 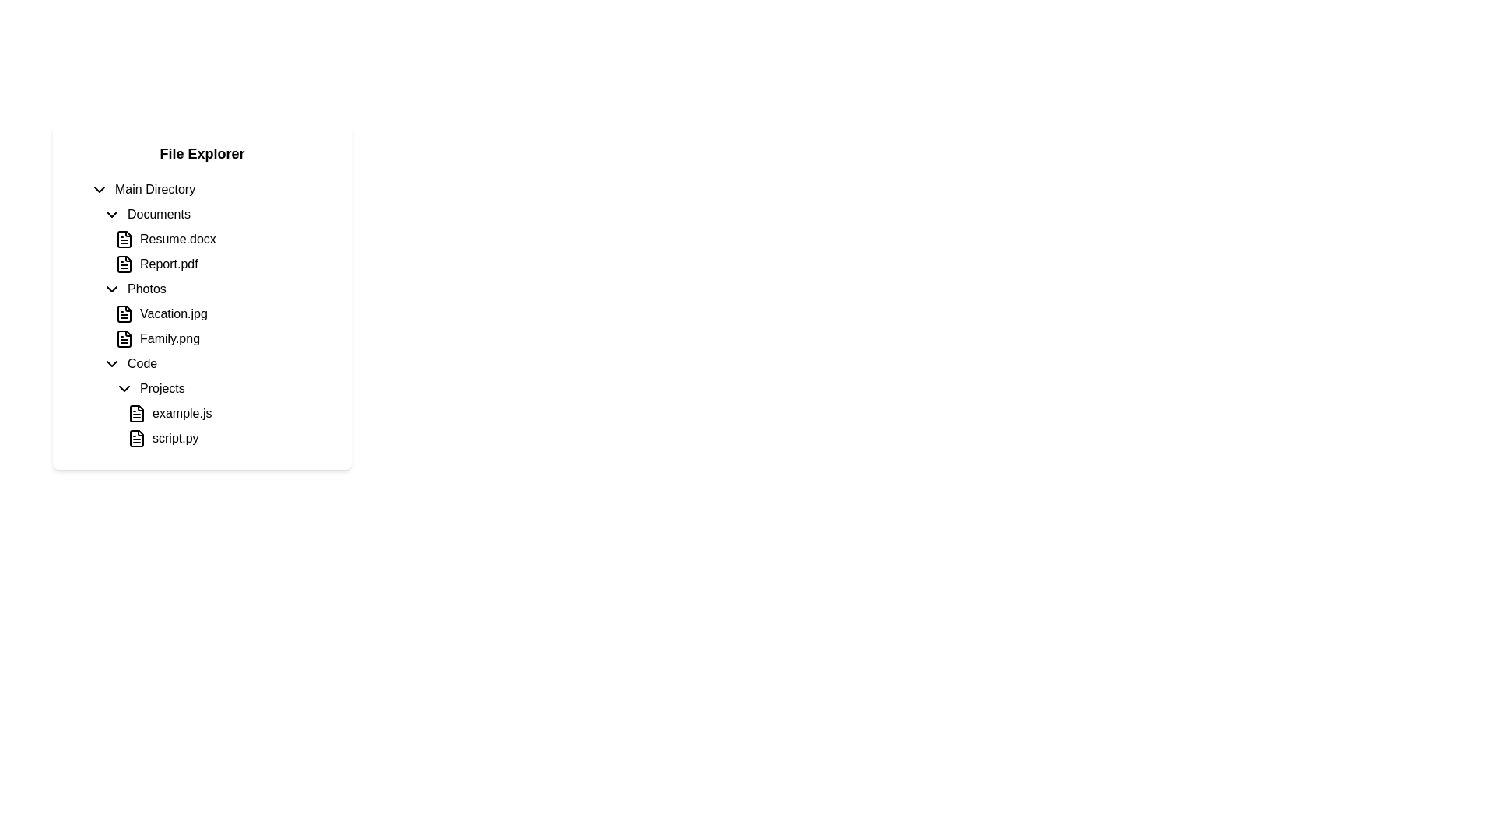 I want to click on the 'Photos' text label, which is the third item in the vertical list under 'Documents', so click(x=146, y=289).